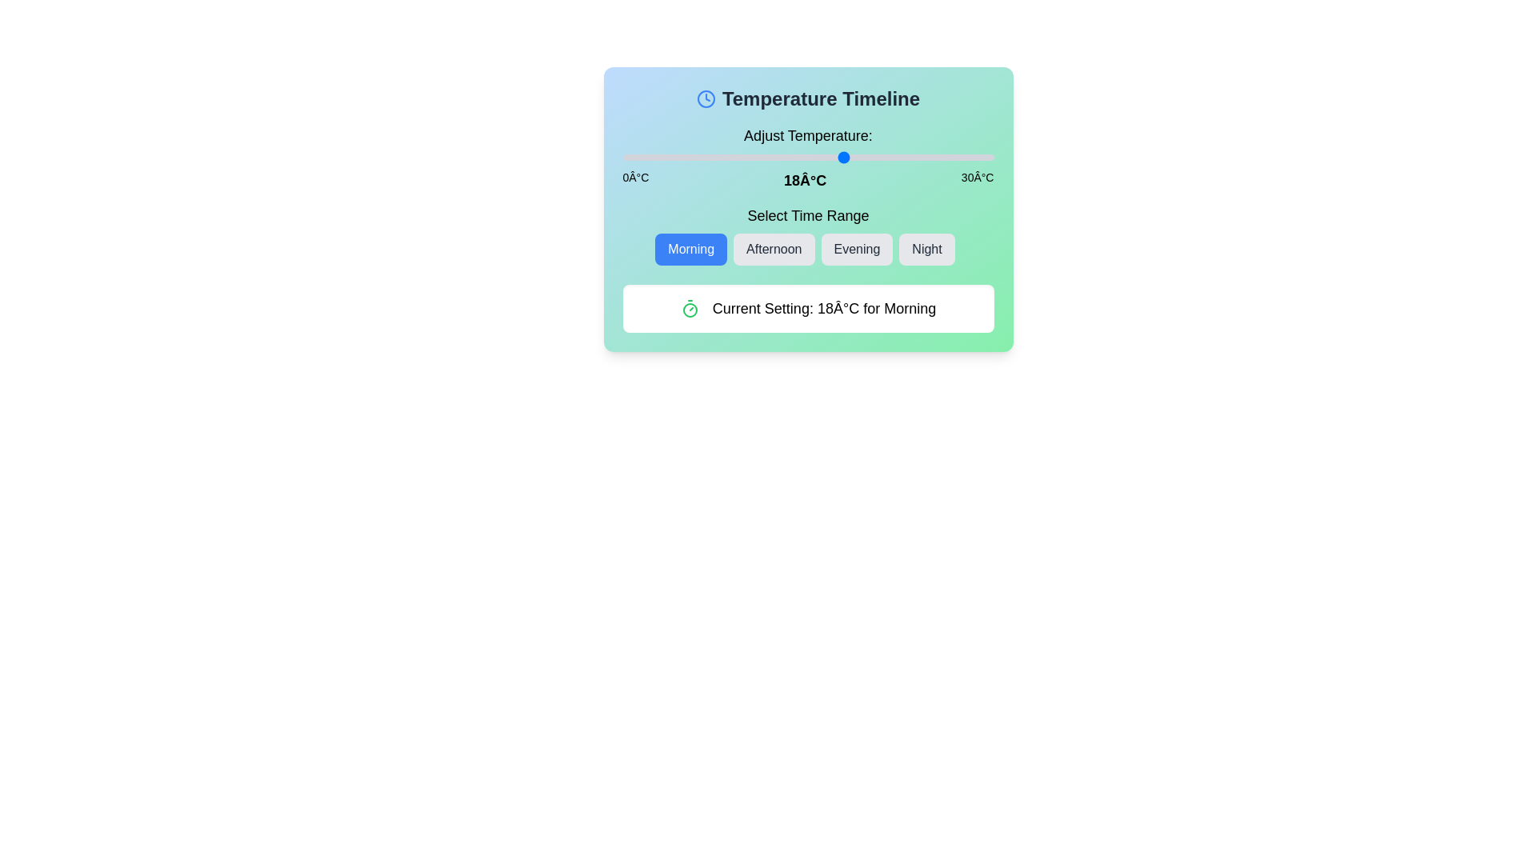  What do you see at coordinates (708, 157) in the screenshot?
I see `the temperature slider to set the temperature to 7°C` at bounding box center [708, 157].